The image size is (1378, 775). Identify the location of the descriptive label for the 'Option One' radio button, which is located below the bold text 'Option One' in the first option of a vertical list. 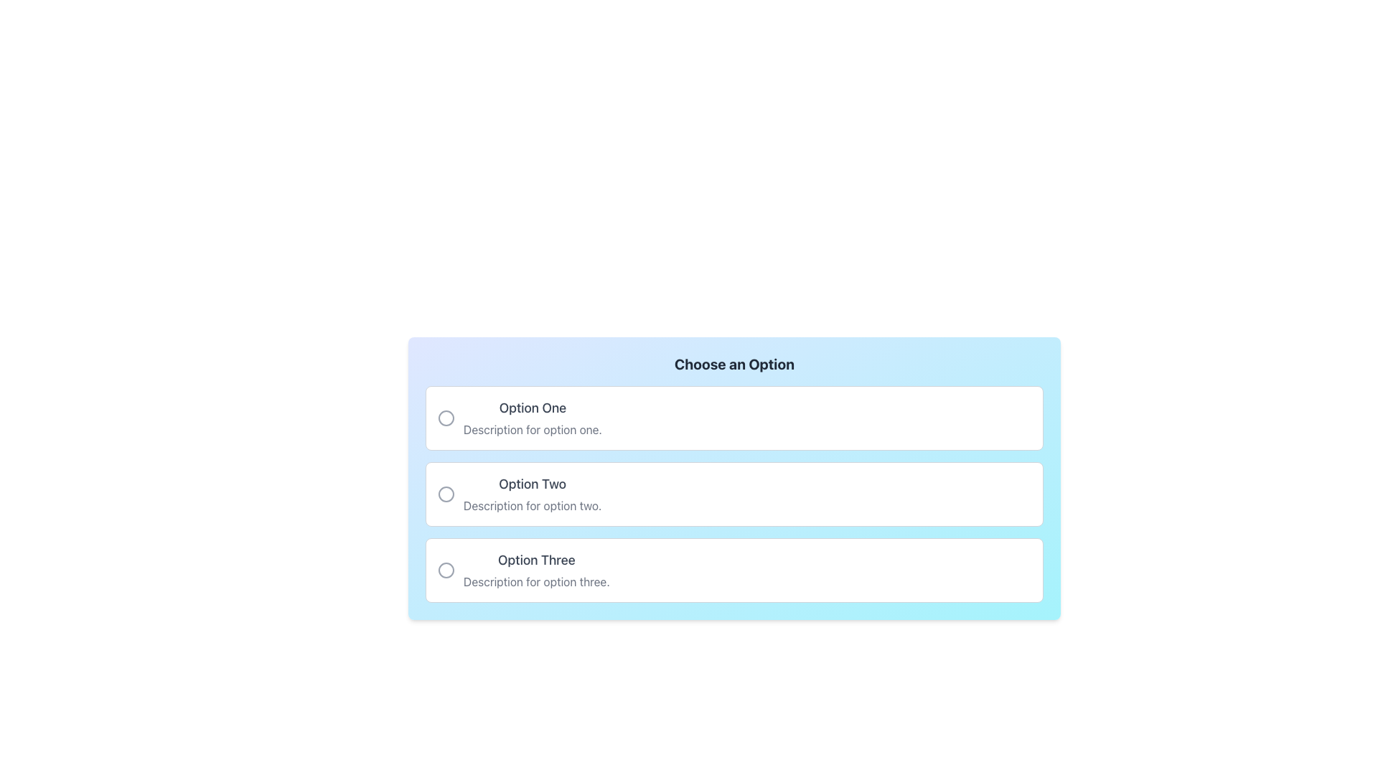
(532, 428).